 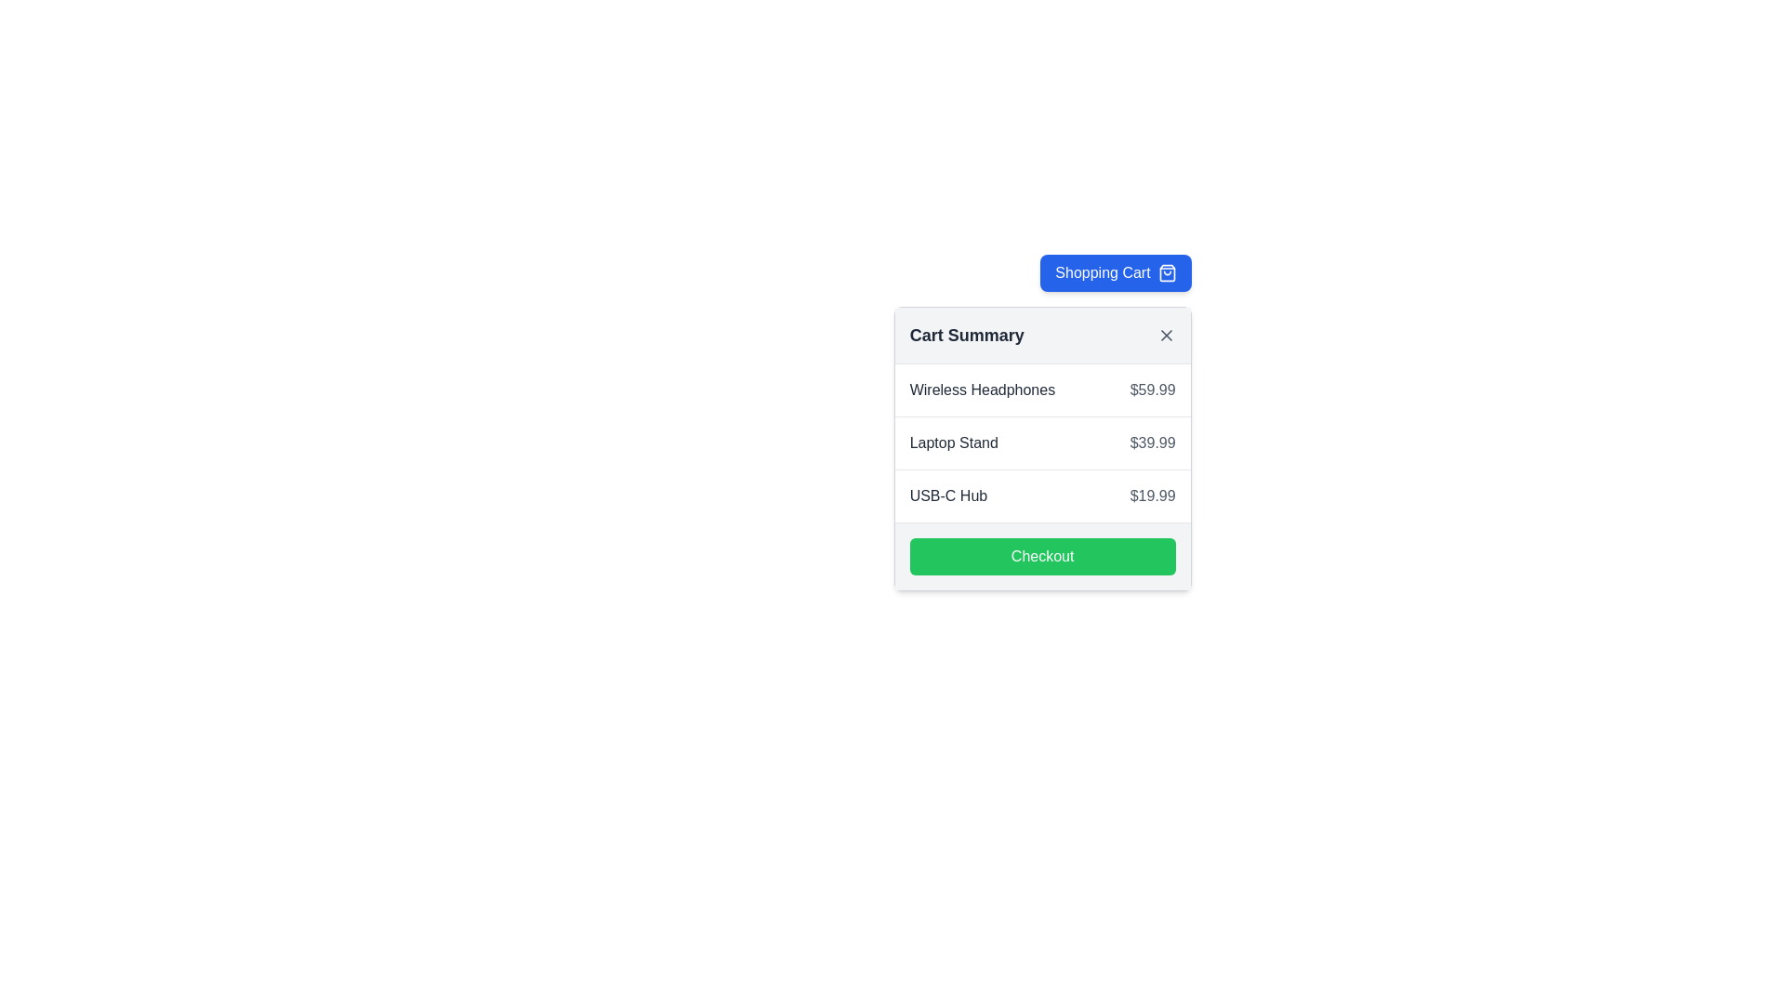 What do you see at coordinates (967, 336) in the screenshot?
I see `the informational text label that serves as the title for the cart items summary section, located at the top left of the modal dialog` at bounding box center [967, 336].